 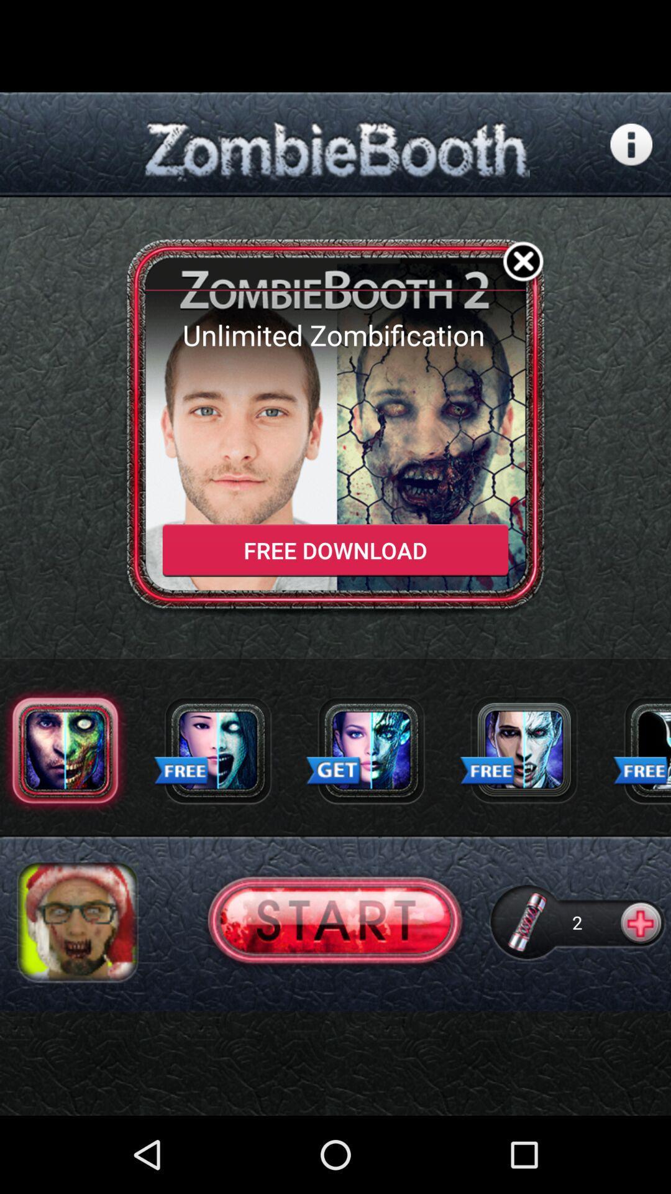 What do you see at coordinates (77, 986) in the screenshot?
I see `the avatar icon` at bounding box center [77, 986].